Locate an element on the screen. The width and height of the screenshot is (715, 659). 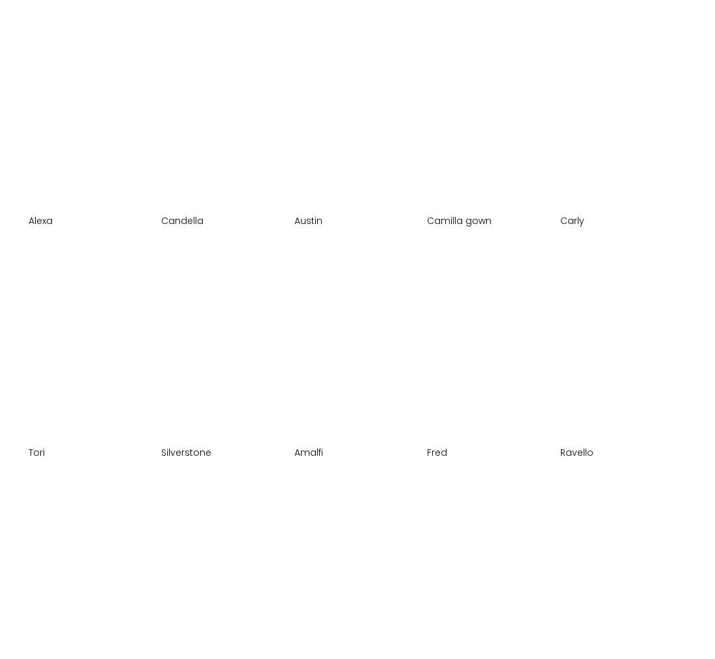
'Carly' is located at coordinates (571, 219).